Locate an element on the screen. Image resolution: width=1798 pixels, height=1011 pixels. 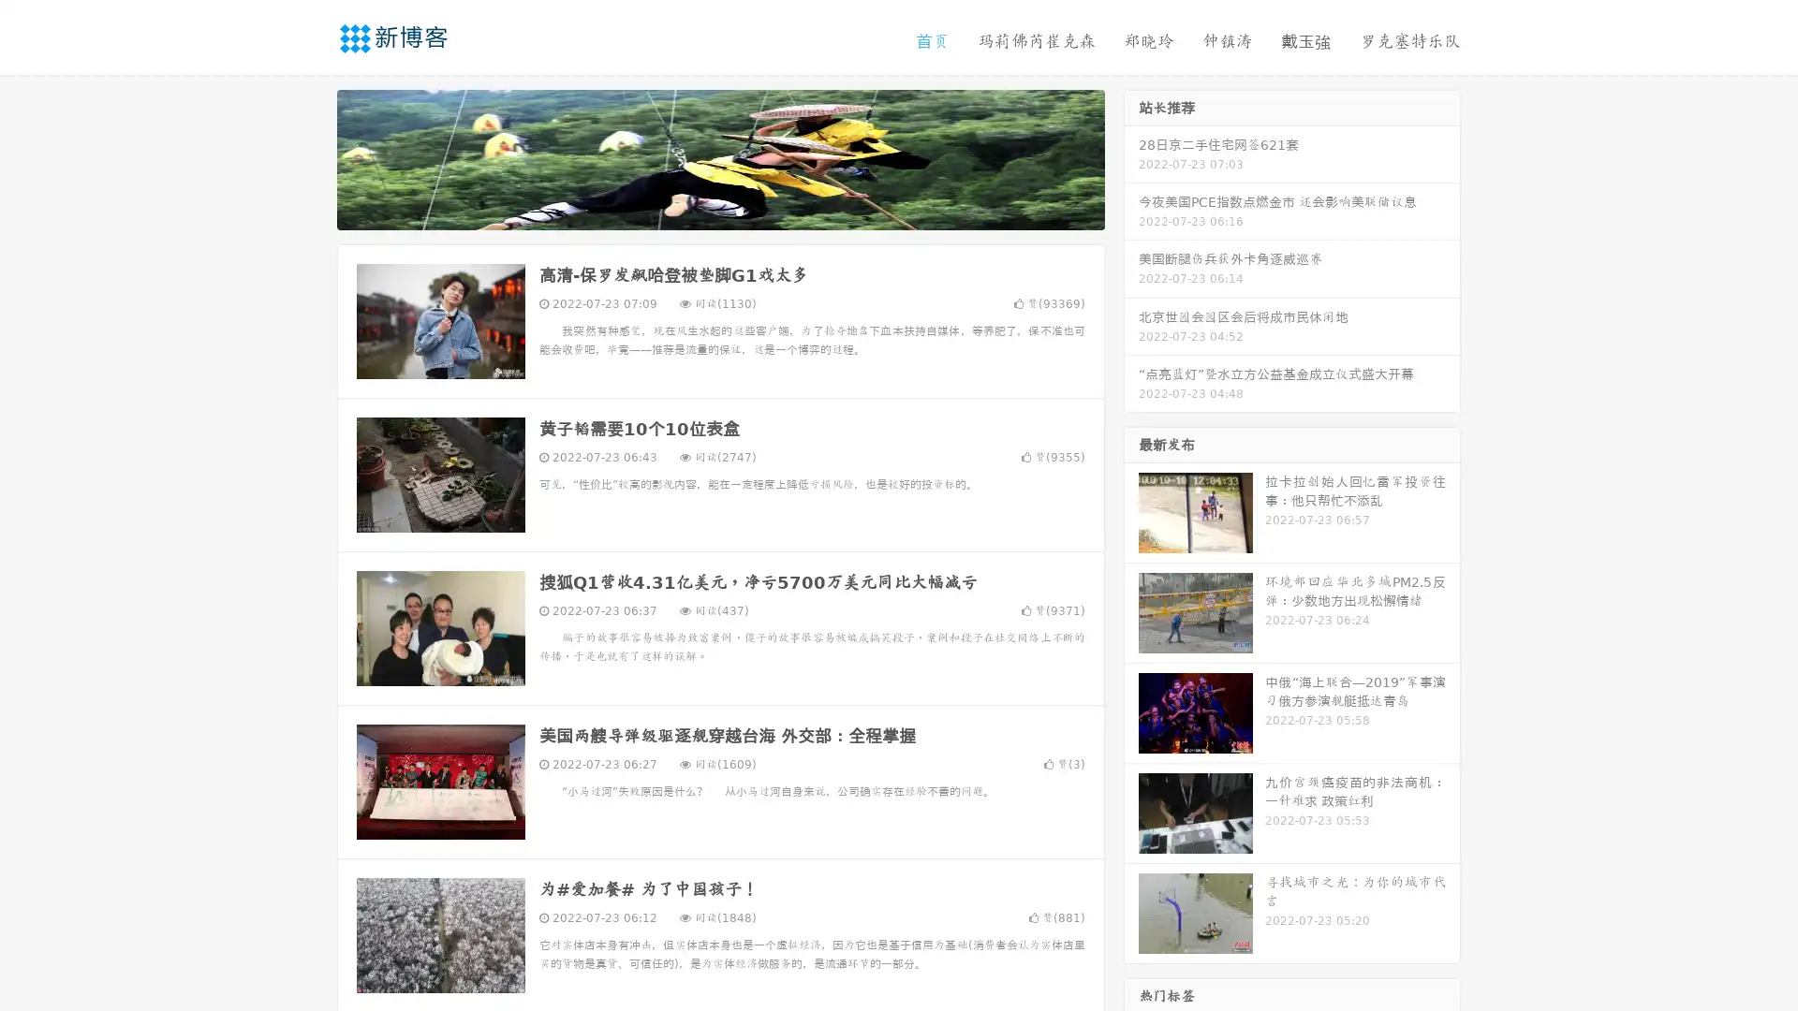
Go to slide 1 is located at coordinates (700, 211).